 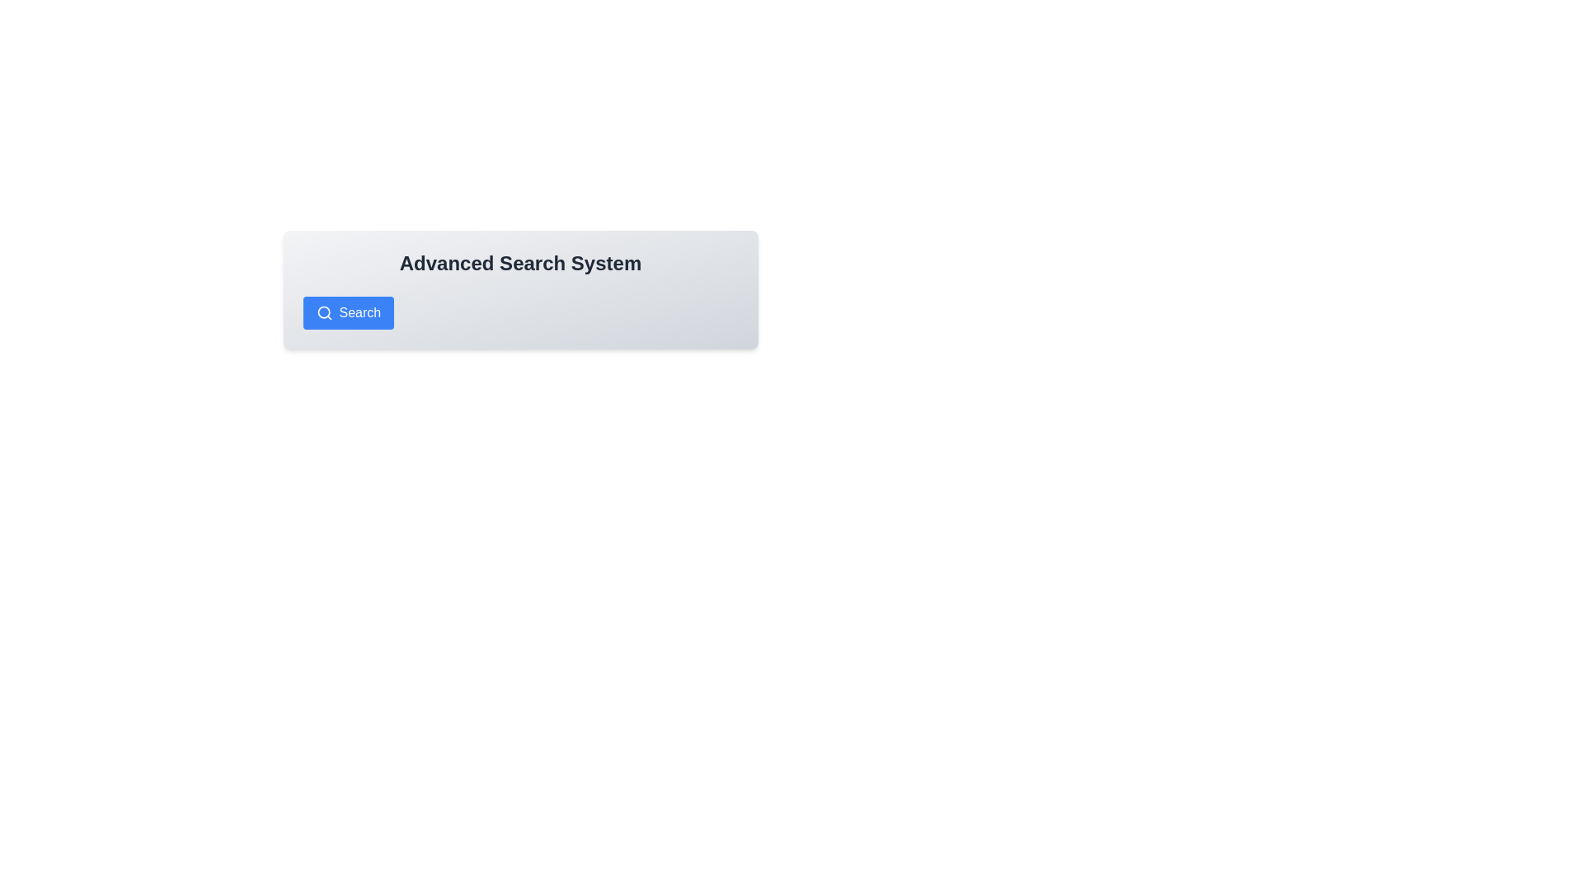 What do you see at coordinates (324, 313) in the screenshot?
I see `the 'Search' button which contains a magnifying glass icon, positioned to the left within a blue rectangular button below the 'Advanced Search System' title` at bounding box center [324, 313].